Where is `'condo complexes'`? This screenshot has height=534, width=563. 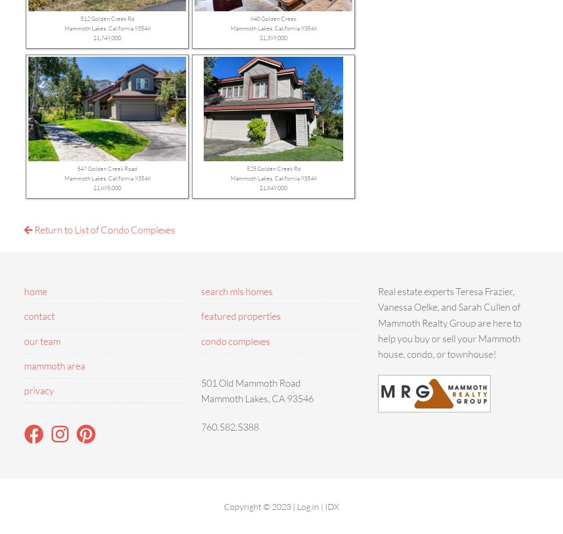
'condo complexes' is located at coordinates (200, 340).